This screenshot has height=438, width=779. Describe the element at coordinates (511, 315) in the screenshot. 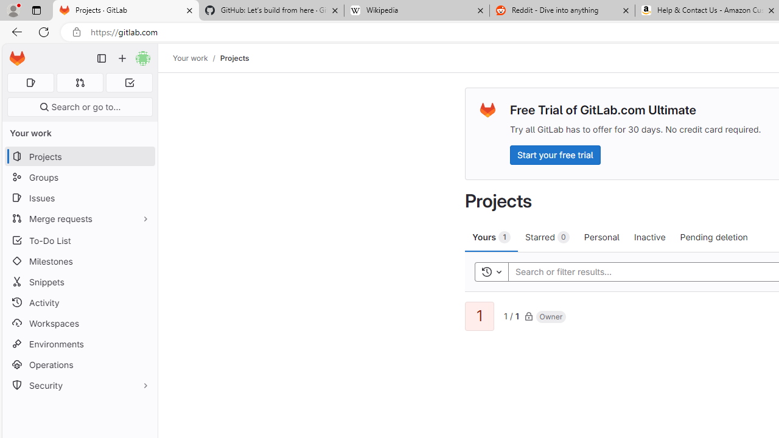

I see `'1 / 1'` at that location.